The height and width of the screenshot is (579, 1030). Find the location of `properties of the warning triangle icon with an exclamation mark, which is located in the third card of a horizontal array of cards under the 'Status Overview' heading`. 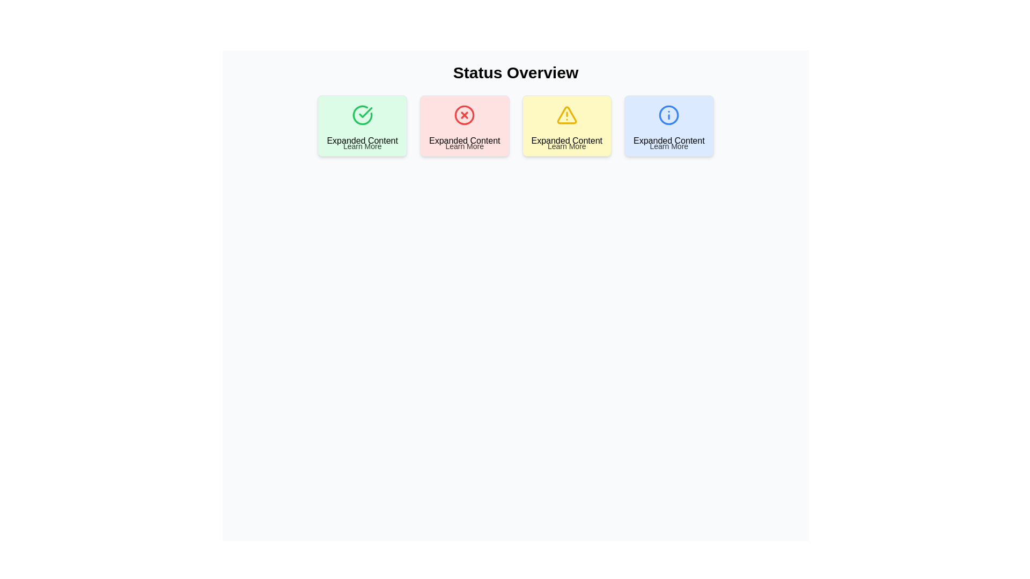

properties of the warning triangle icon with an exclamation mark, which is located in the third card of a horizontal array of cards under the 'Status Overview' heading is located at coordinates (566, 115).